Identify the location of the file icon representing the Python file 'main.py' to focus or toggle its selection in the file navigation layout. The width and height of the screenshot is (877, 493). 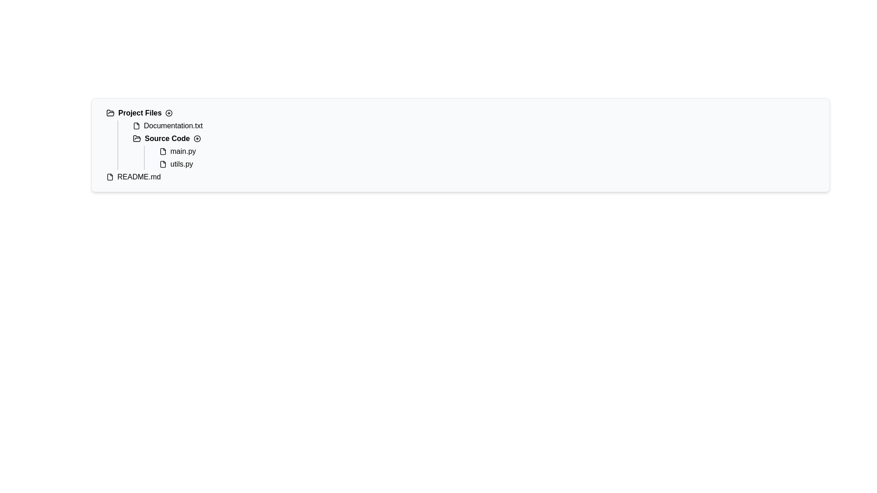
(163, 151).